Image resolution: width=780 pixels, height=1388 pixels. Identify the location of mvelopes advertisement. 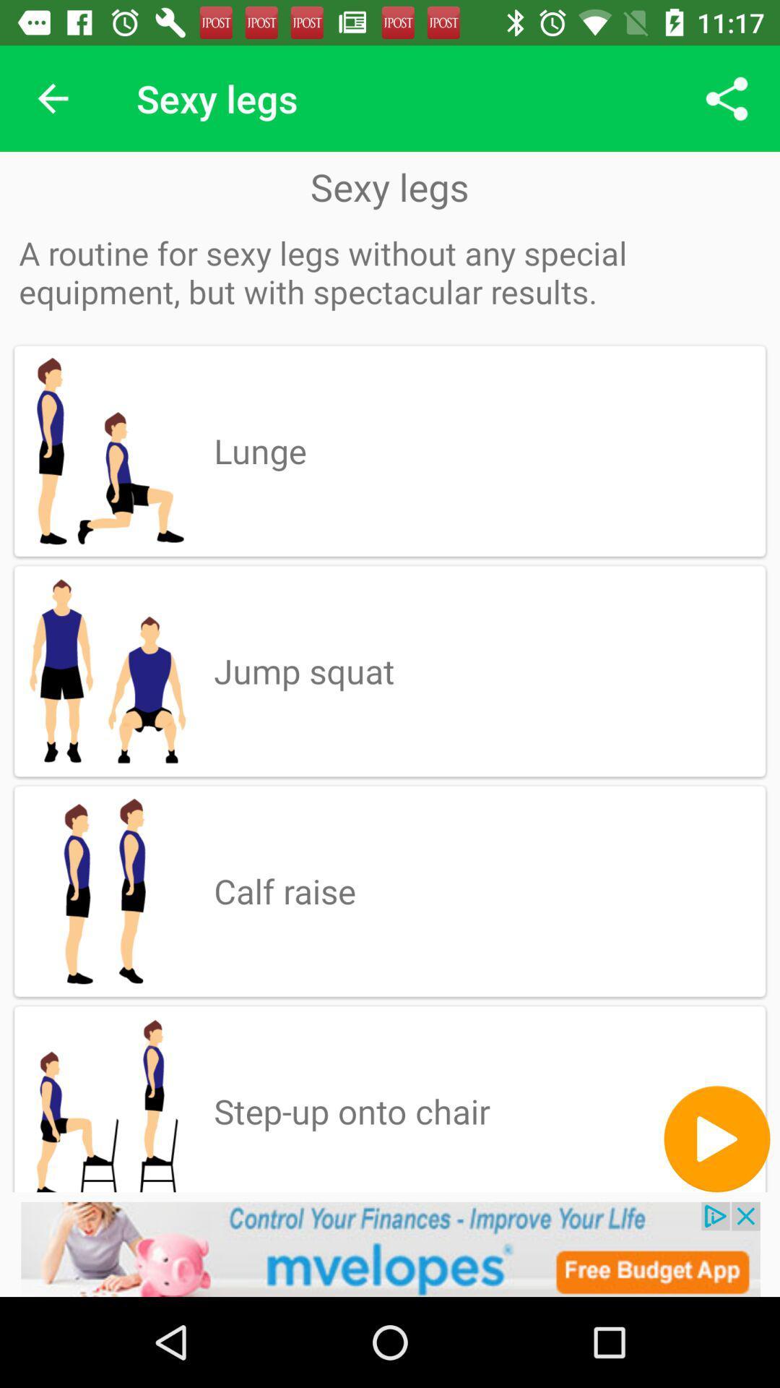
(390, 1248).